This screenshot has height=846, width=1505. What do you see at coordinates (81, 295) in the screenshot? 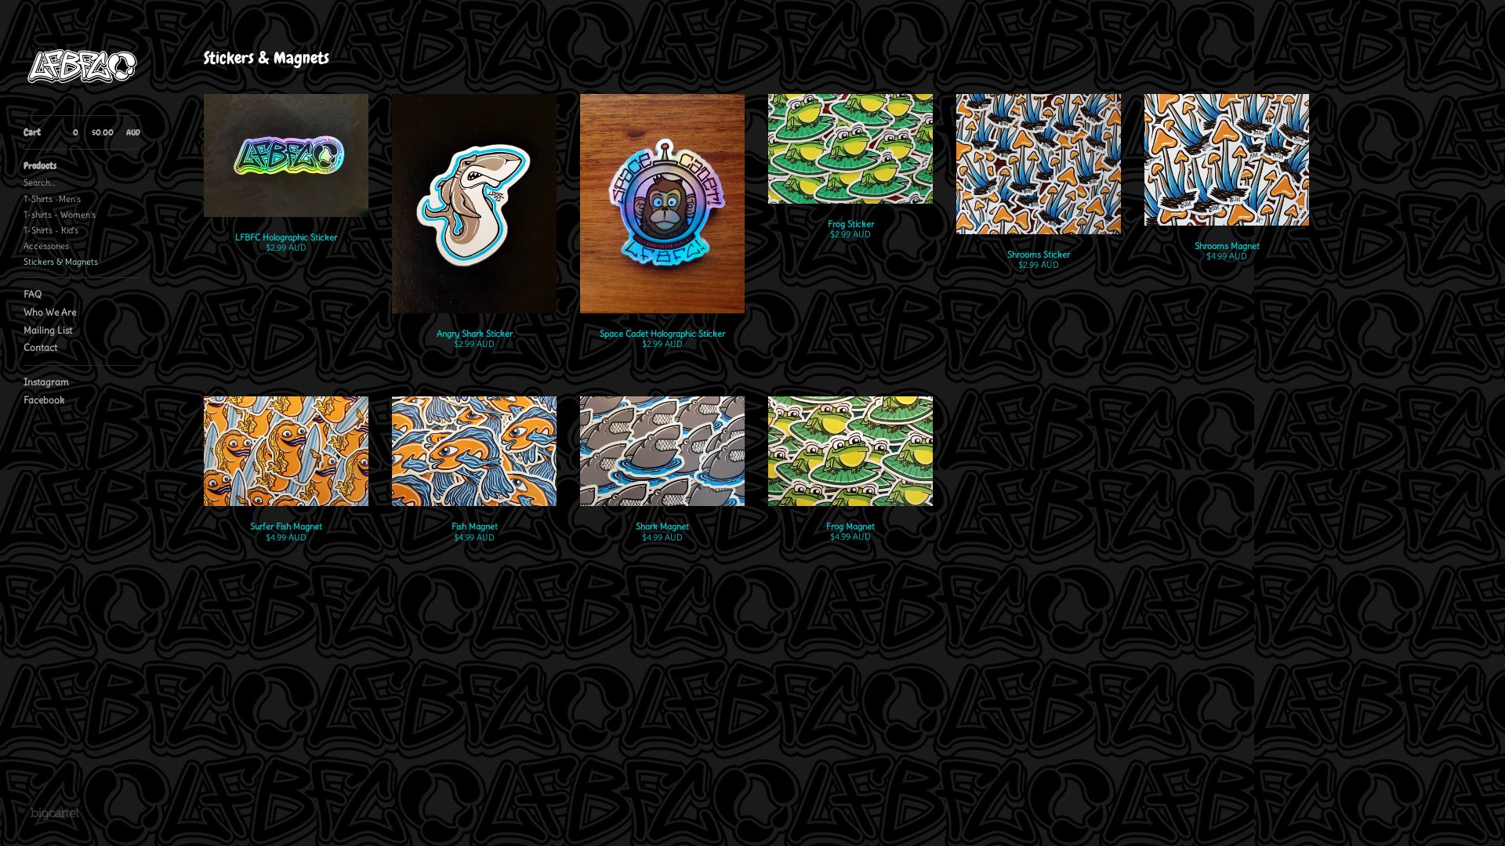
I see `'FAQ'` at bounding box center [81, 295].